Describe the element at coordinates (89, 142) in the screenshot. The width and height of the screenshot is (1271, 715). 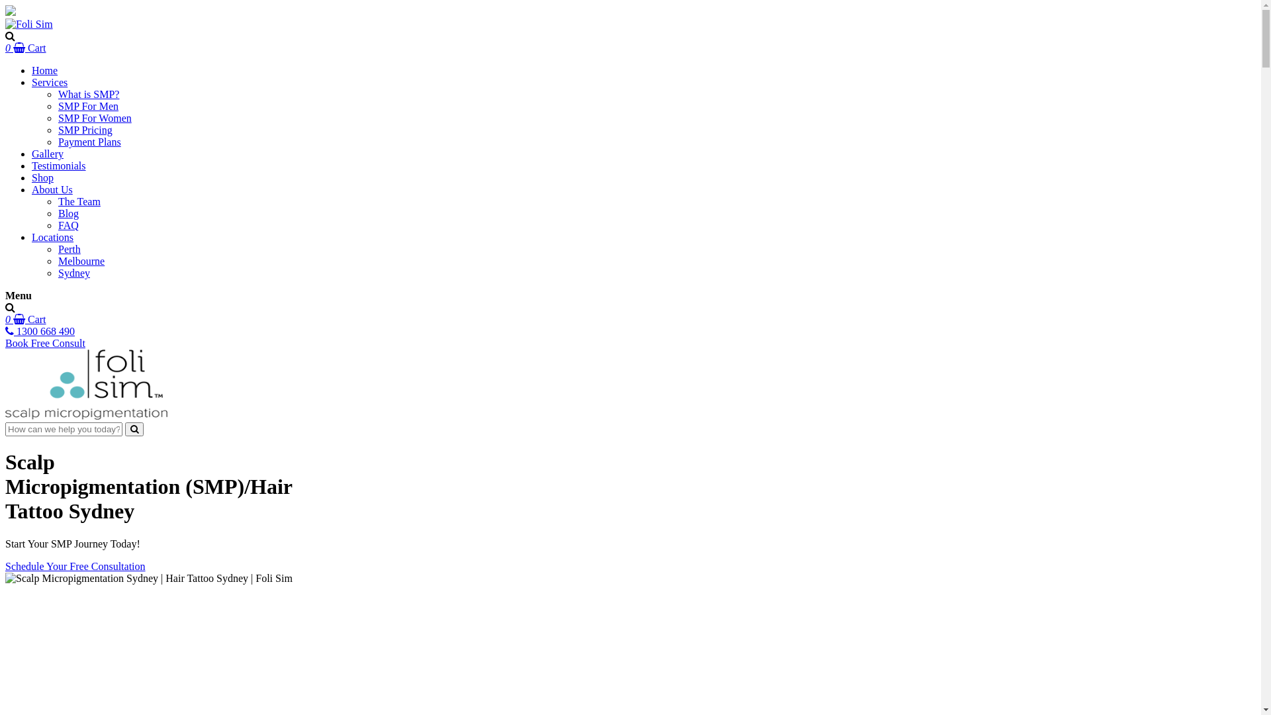
I see `'Payment Plans'` at that location.